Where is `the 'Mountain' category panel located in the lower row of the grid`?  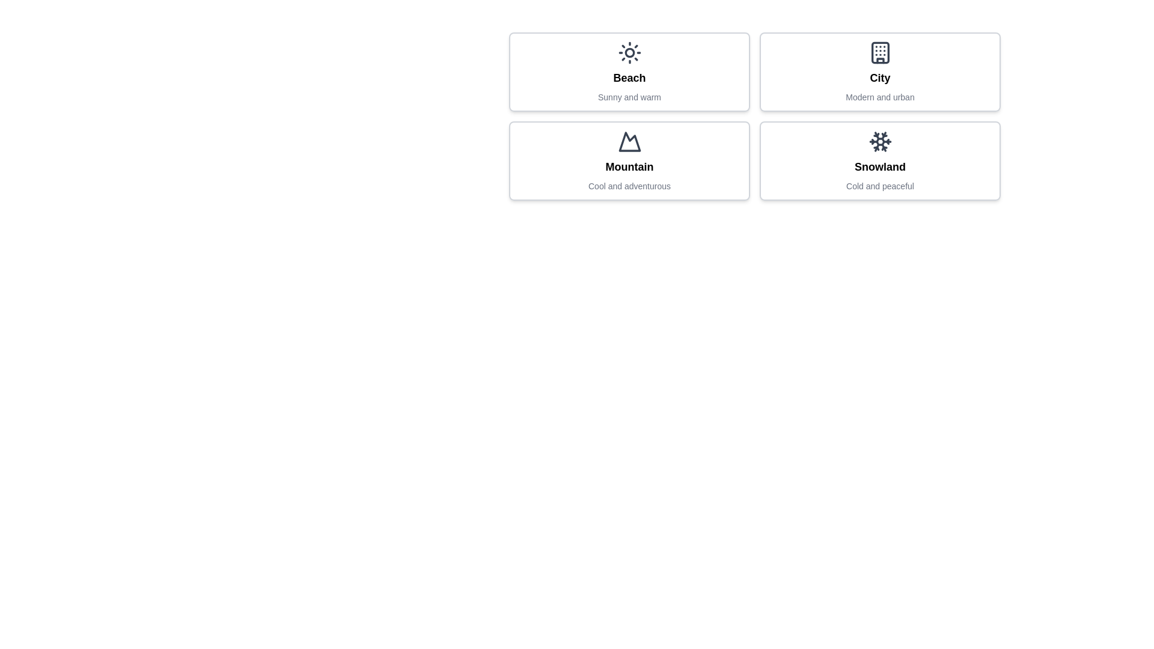
the 'Mountain' category panel located in the lower row of the grid is located at coordinates (629, 160).